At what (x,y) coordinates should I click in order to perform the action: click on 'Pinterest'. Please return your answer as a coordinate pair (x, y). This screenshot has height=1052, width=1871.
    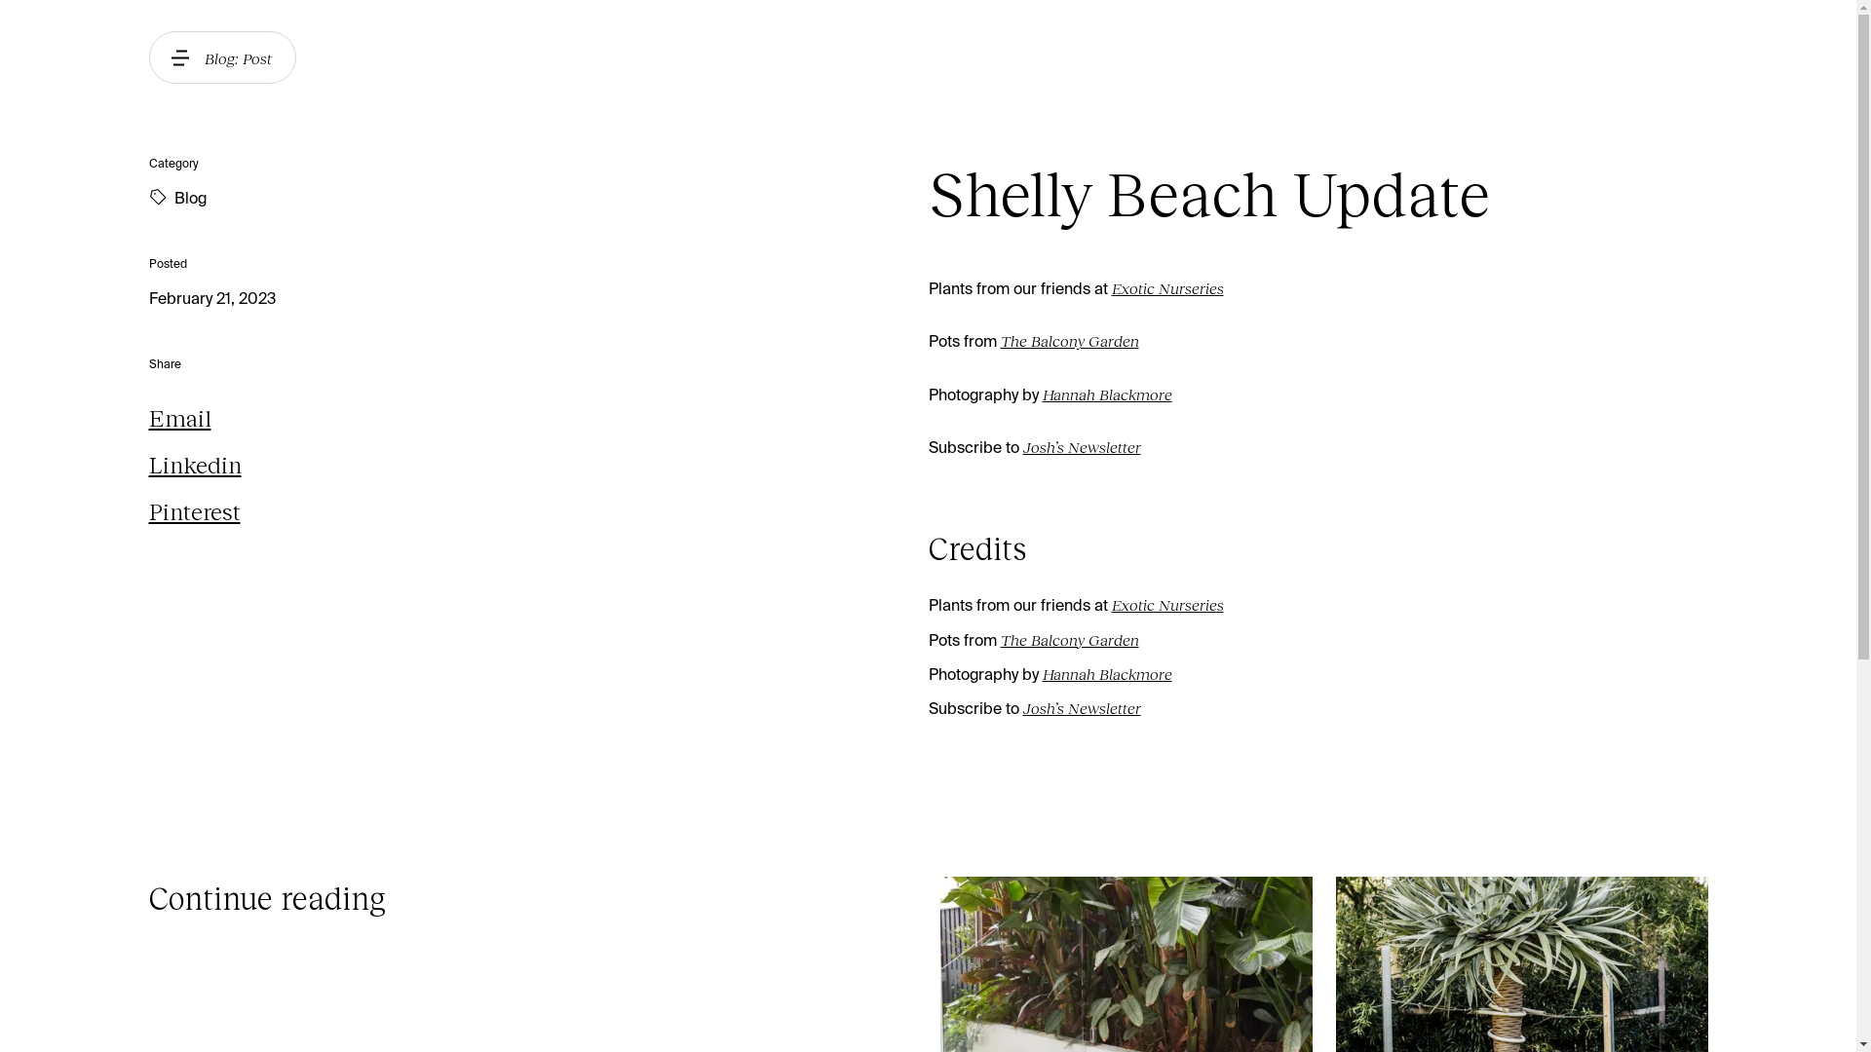
    Looking at the image, I should click on (147, 509).